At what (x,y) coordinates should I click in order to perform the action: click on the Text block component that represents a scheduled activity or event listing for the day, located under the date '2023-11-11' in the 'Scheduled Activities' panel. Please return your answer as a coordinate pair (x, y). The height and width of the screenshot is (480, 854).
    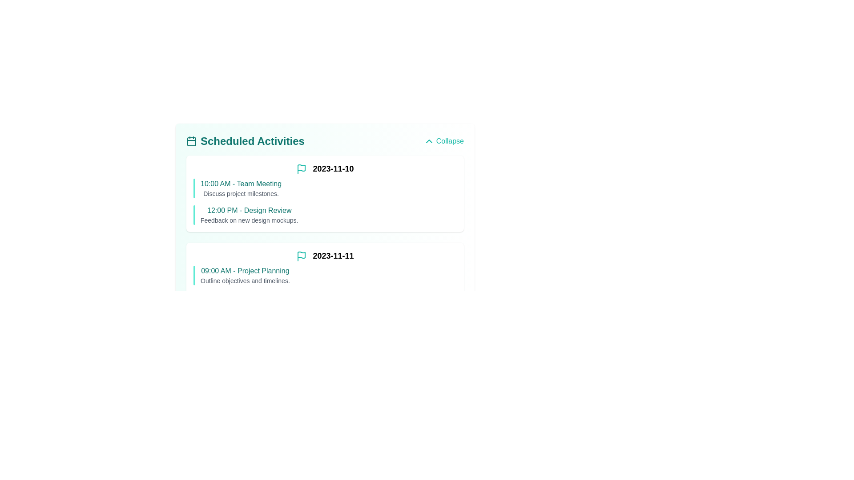
    Looking at the image, I should click on (245, 275).